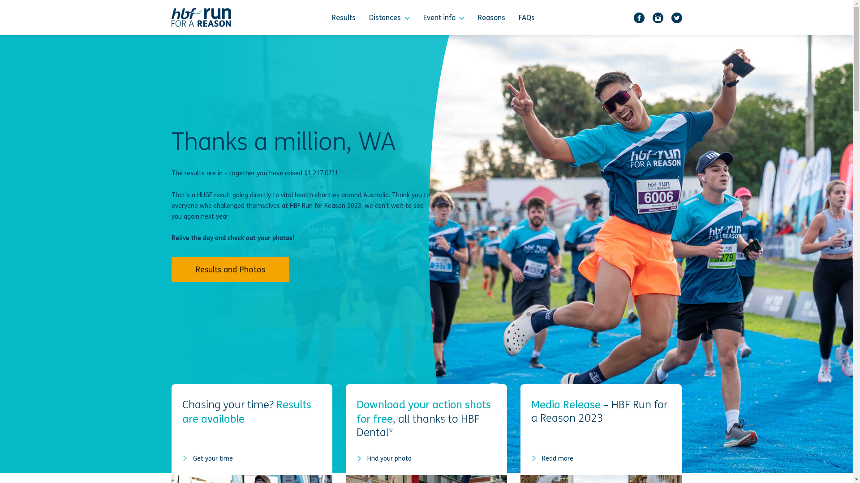 This screenshot has height=483, width=860. Describe the element at coordinates (230, 269) in the screenshot. I see `'Results and Photos'` at that location.